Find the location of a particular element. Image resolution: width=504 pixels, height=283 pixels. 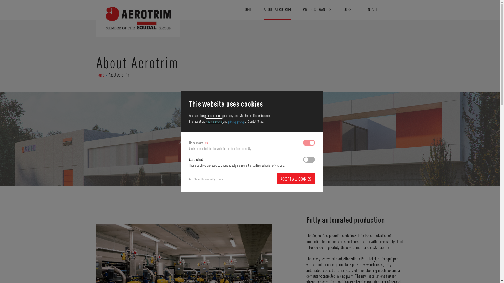

'ABOUT AEROTRIM' is located at coordinates (277, 10).